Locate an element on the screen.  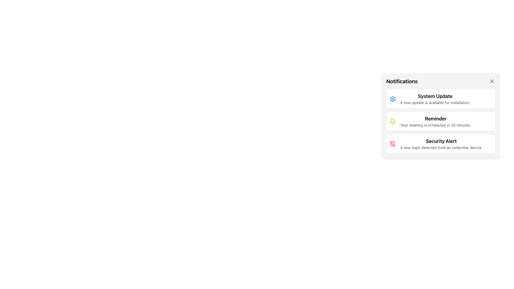
the Text Display that states 'Your meeting is scheduled in 30 minutes.' located under the 'Reminder' heading in the notification box is located at coordinates (436, 125).